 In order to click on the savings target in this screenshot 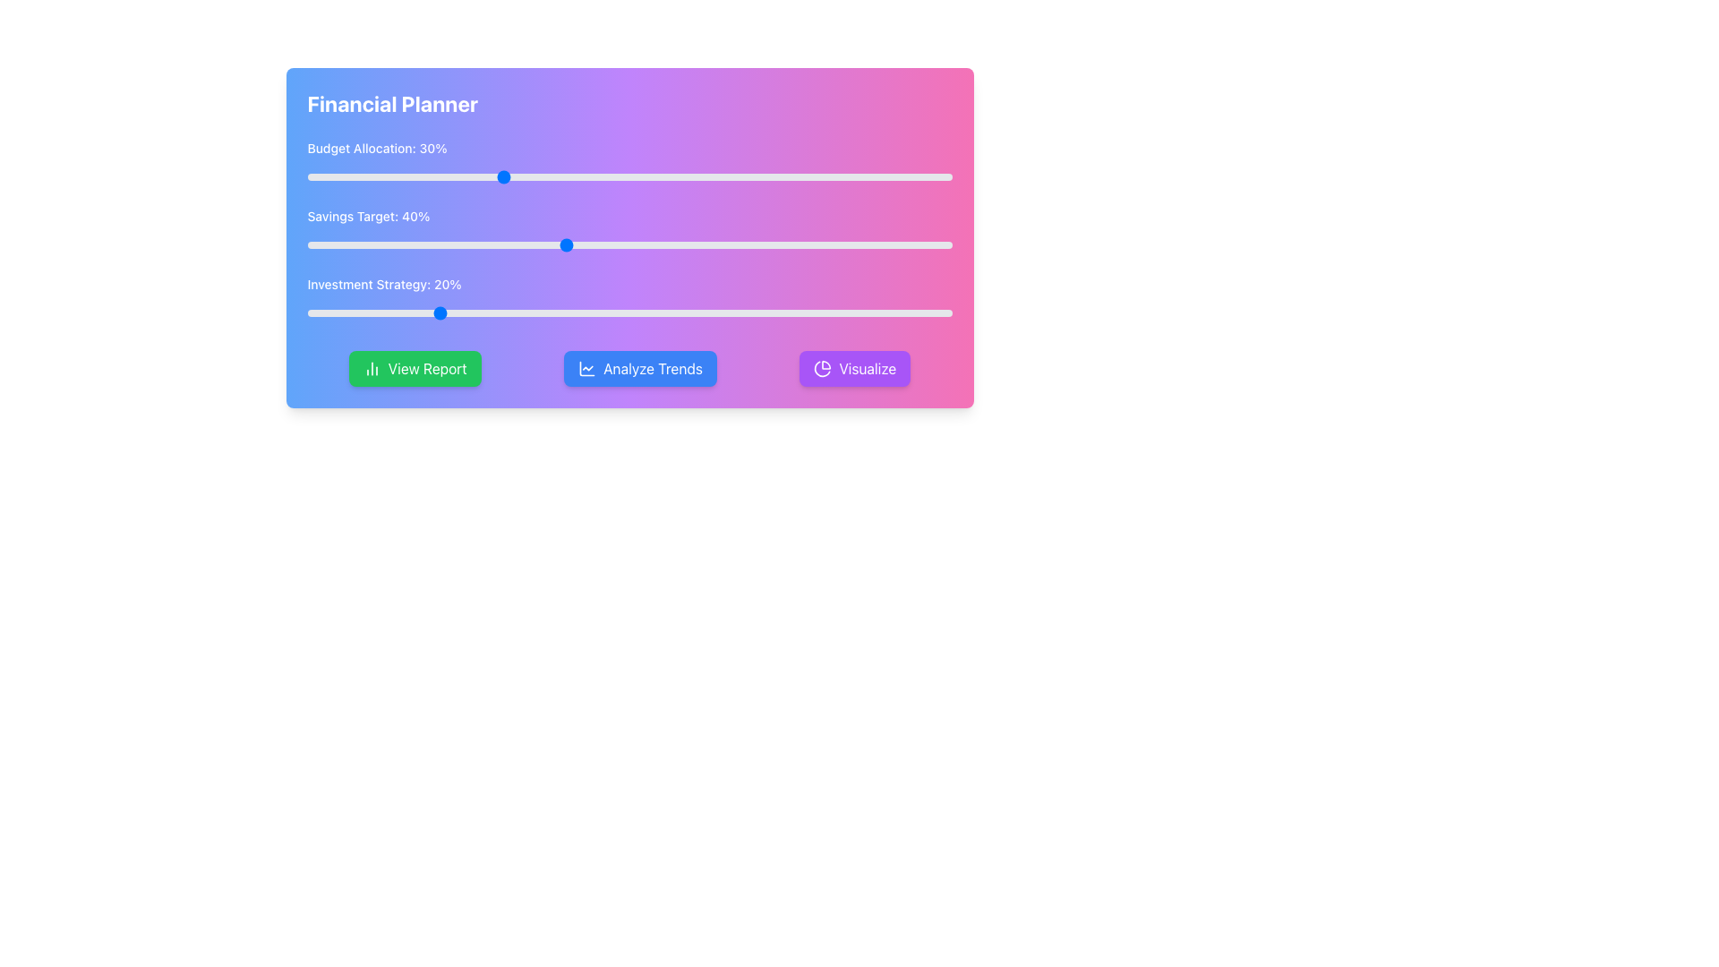, I will do `click(339, 244)`.